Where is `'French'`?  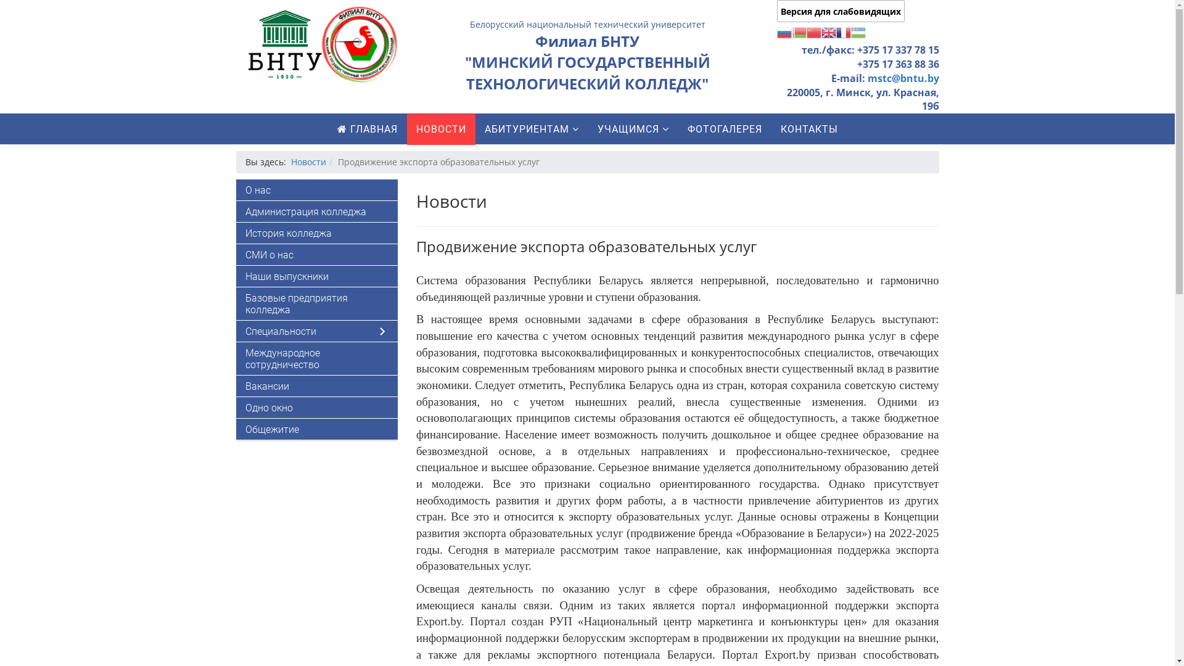 'French' is located at coordinates (843, 31).